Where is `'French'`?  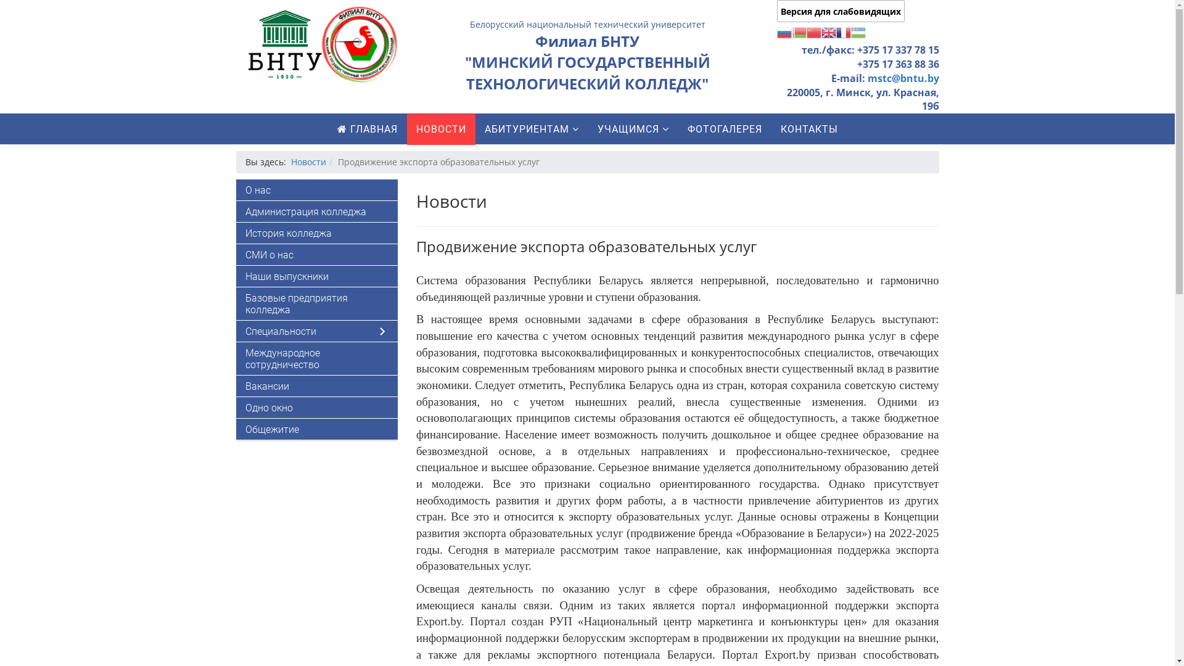 'French' is located at coordinates (843, 31).